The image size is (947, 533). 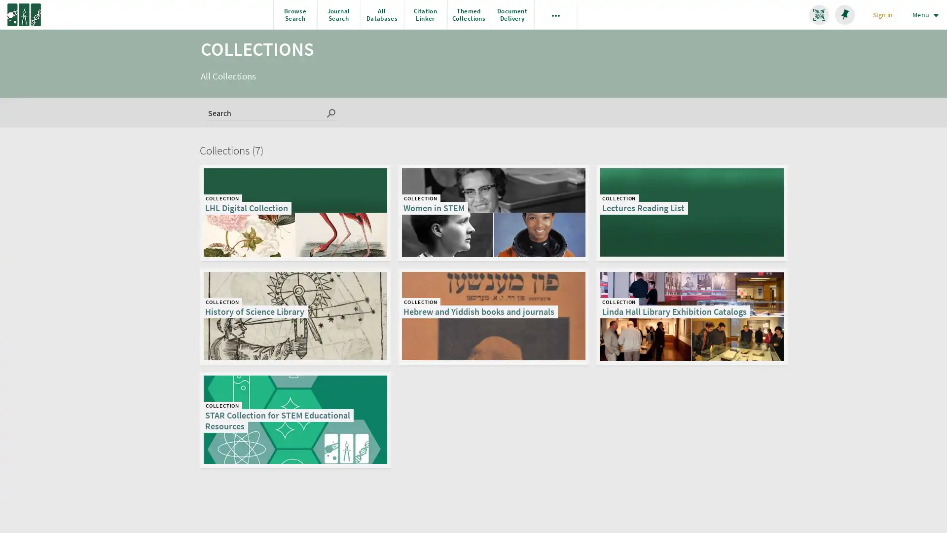 What do you see at coordinates (331, 112) in the screenshot?
I see `Search` at bounding box center [331, 112].